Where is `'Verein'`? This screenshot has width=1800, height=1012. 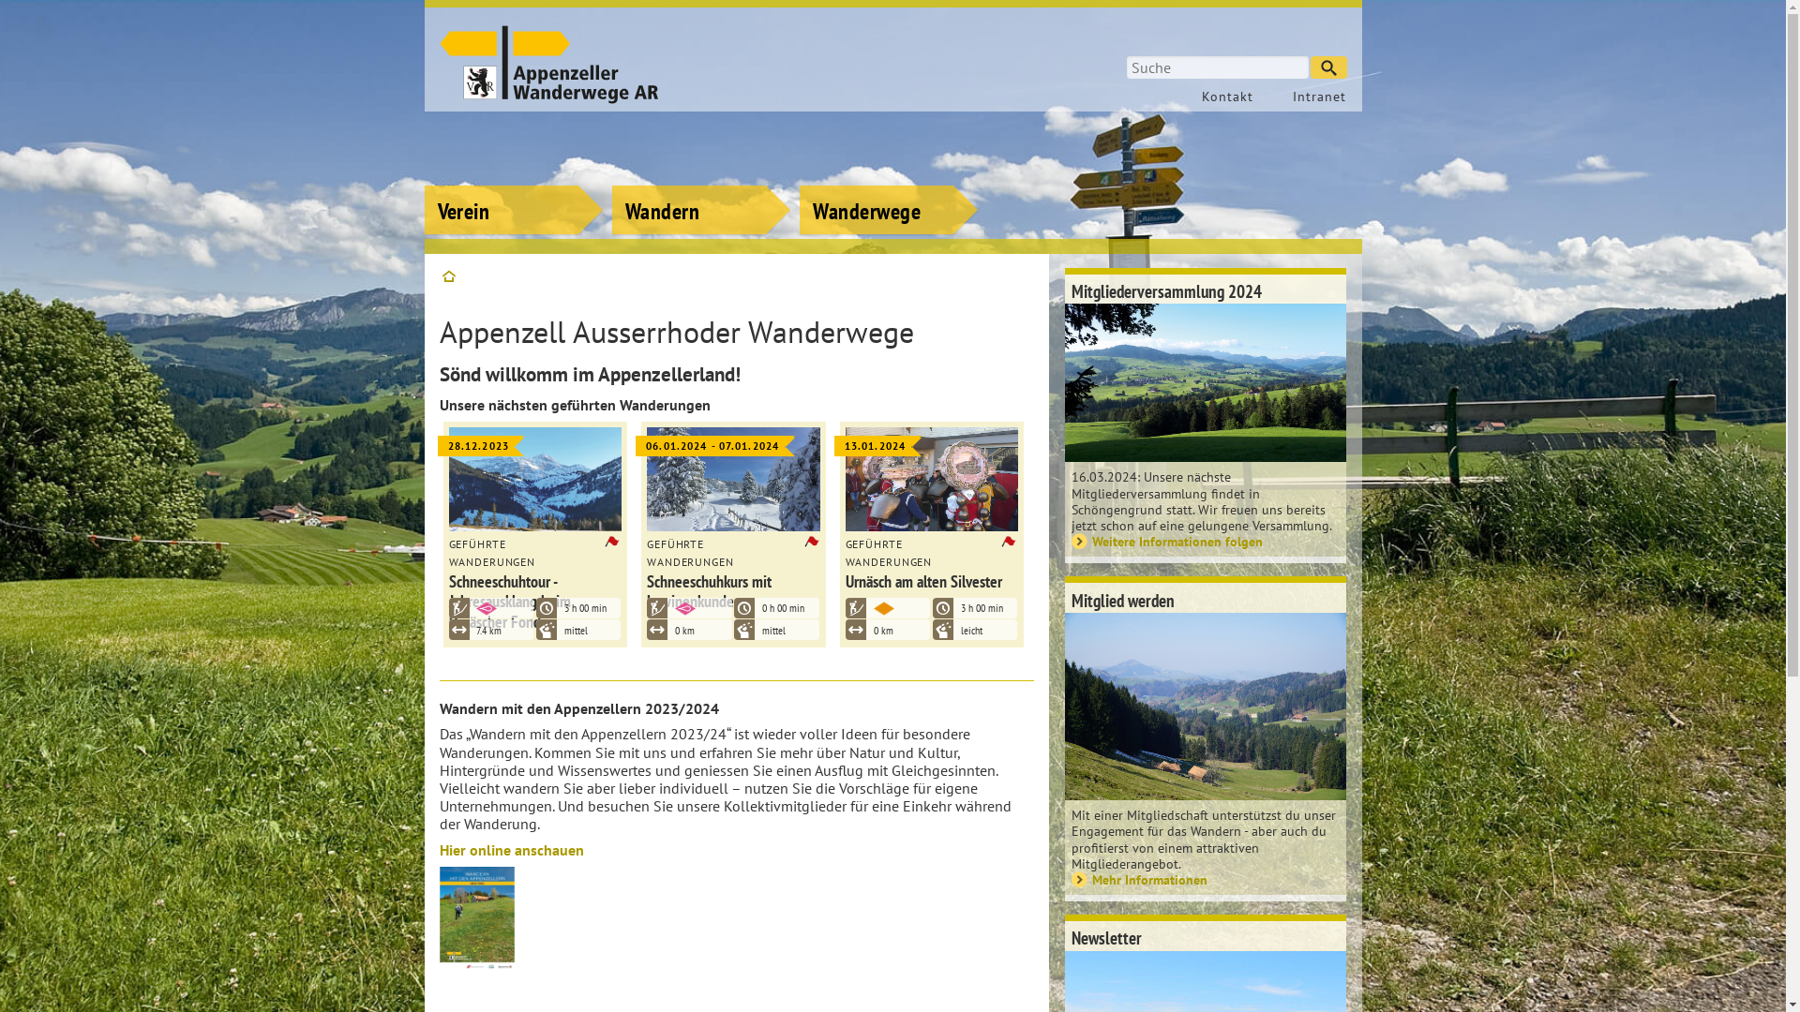 'Verein' is located at coordinates (513, 183).